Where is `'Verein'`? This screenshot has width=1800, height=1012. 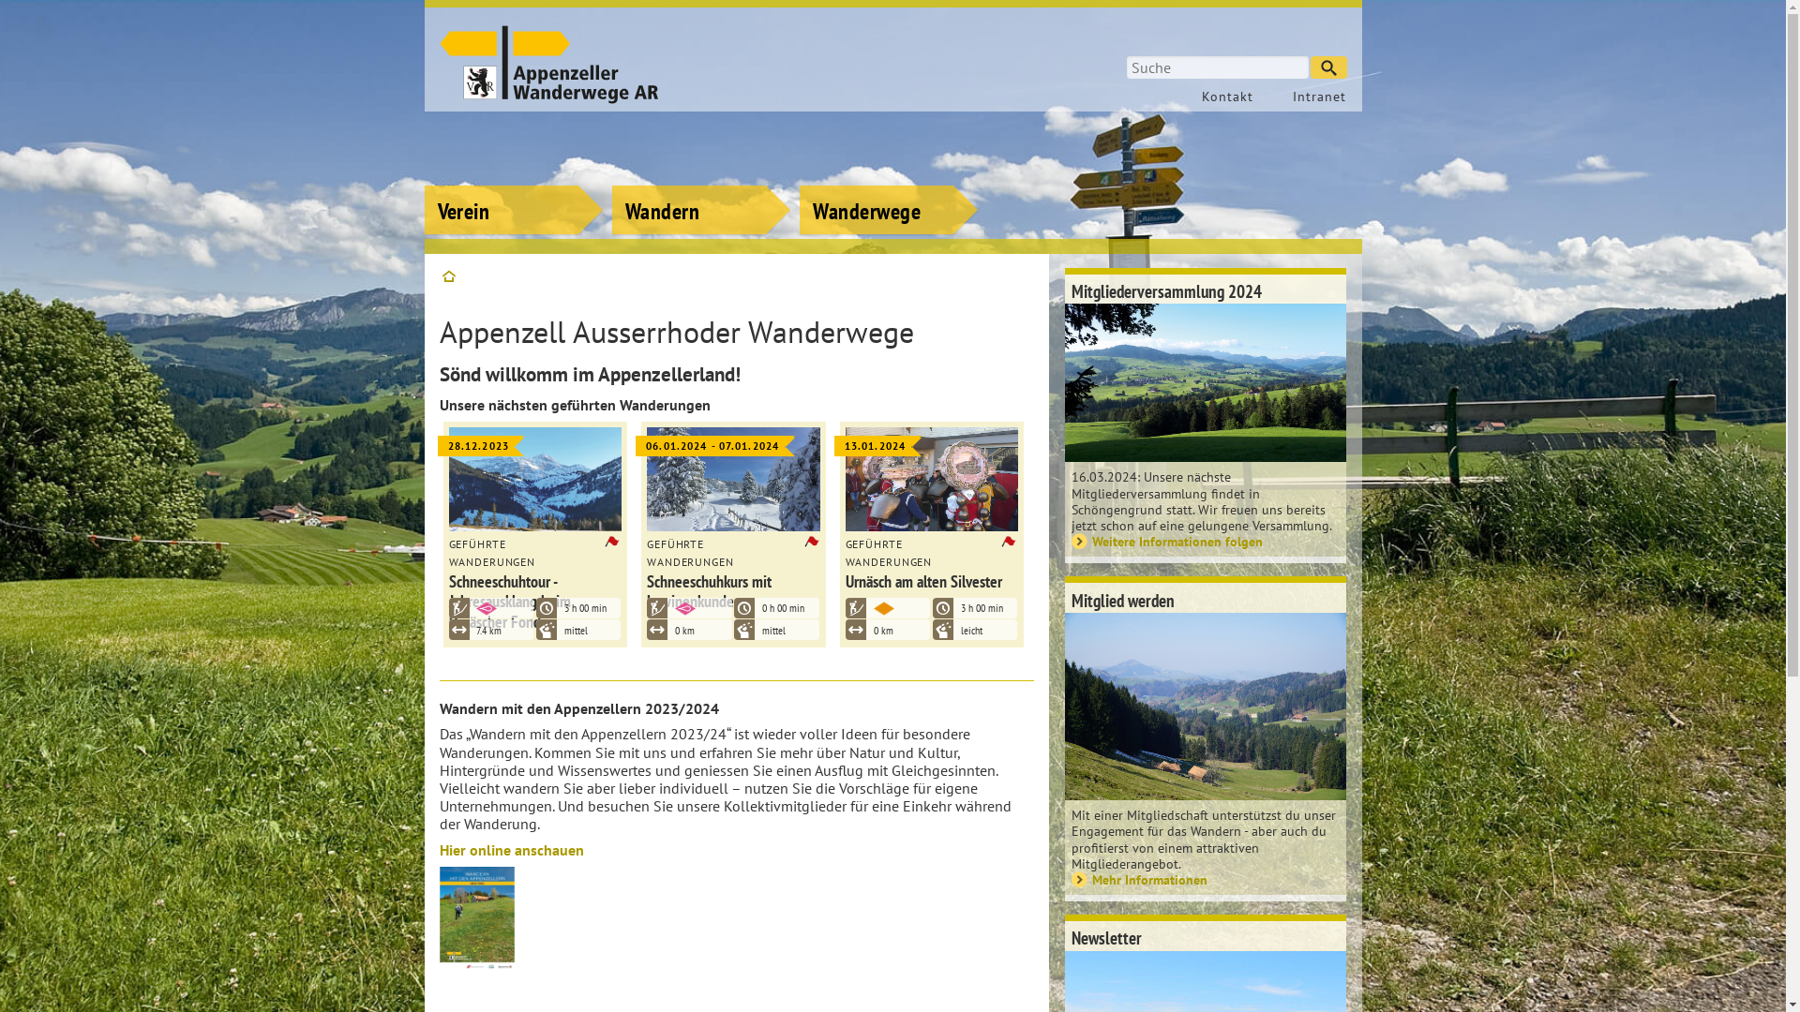 'Verein' is located at coordinates (513, 183).